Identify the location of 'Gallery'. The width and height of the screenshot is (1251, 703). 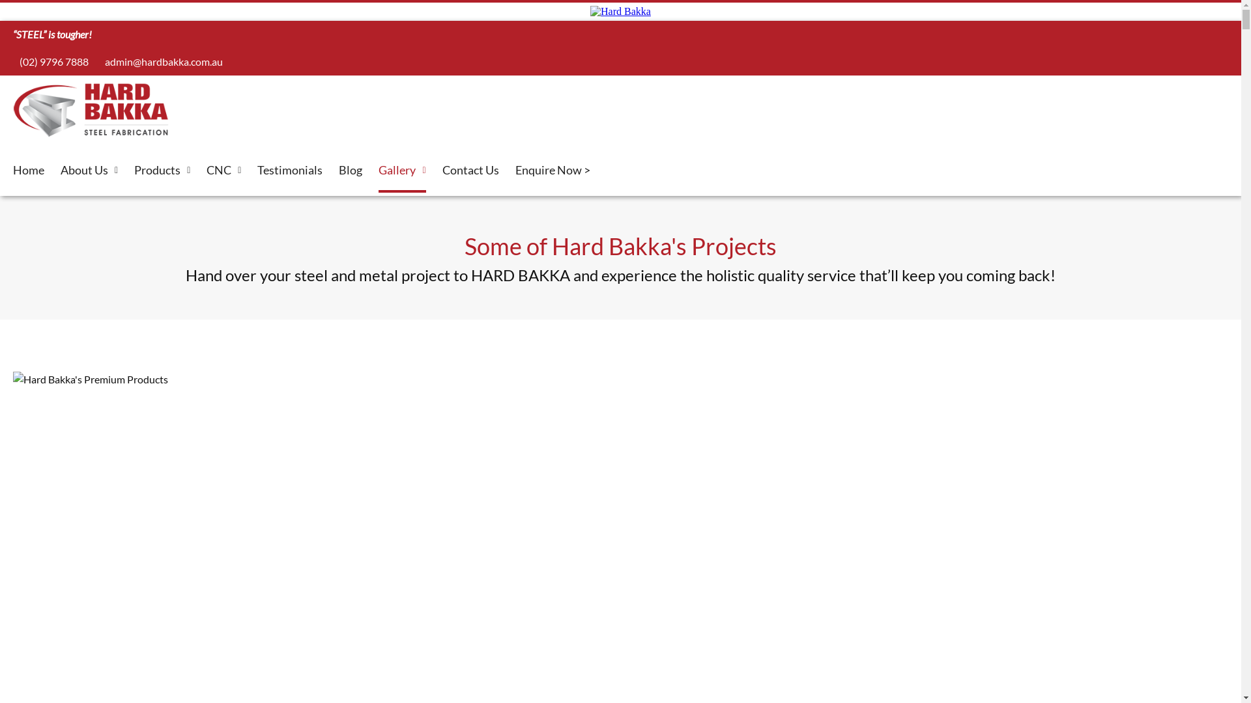
(401, 171).